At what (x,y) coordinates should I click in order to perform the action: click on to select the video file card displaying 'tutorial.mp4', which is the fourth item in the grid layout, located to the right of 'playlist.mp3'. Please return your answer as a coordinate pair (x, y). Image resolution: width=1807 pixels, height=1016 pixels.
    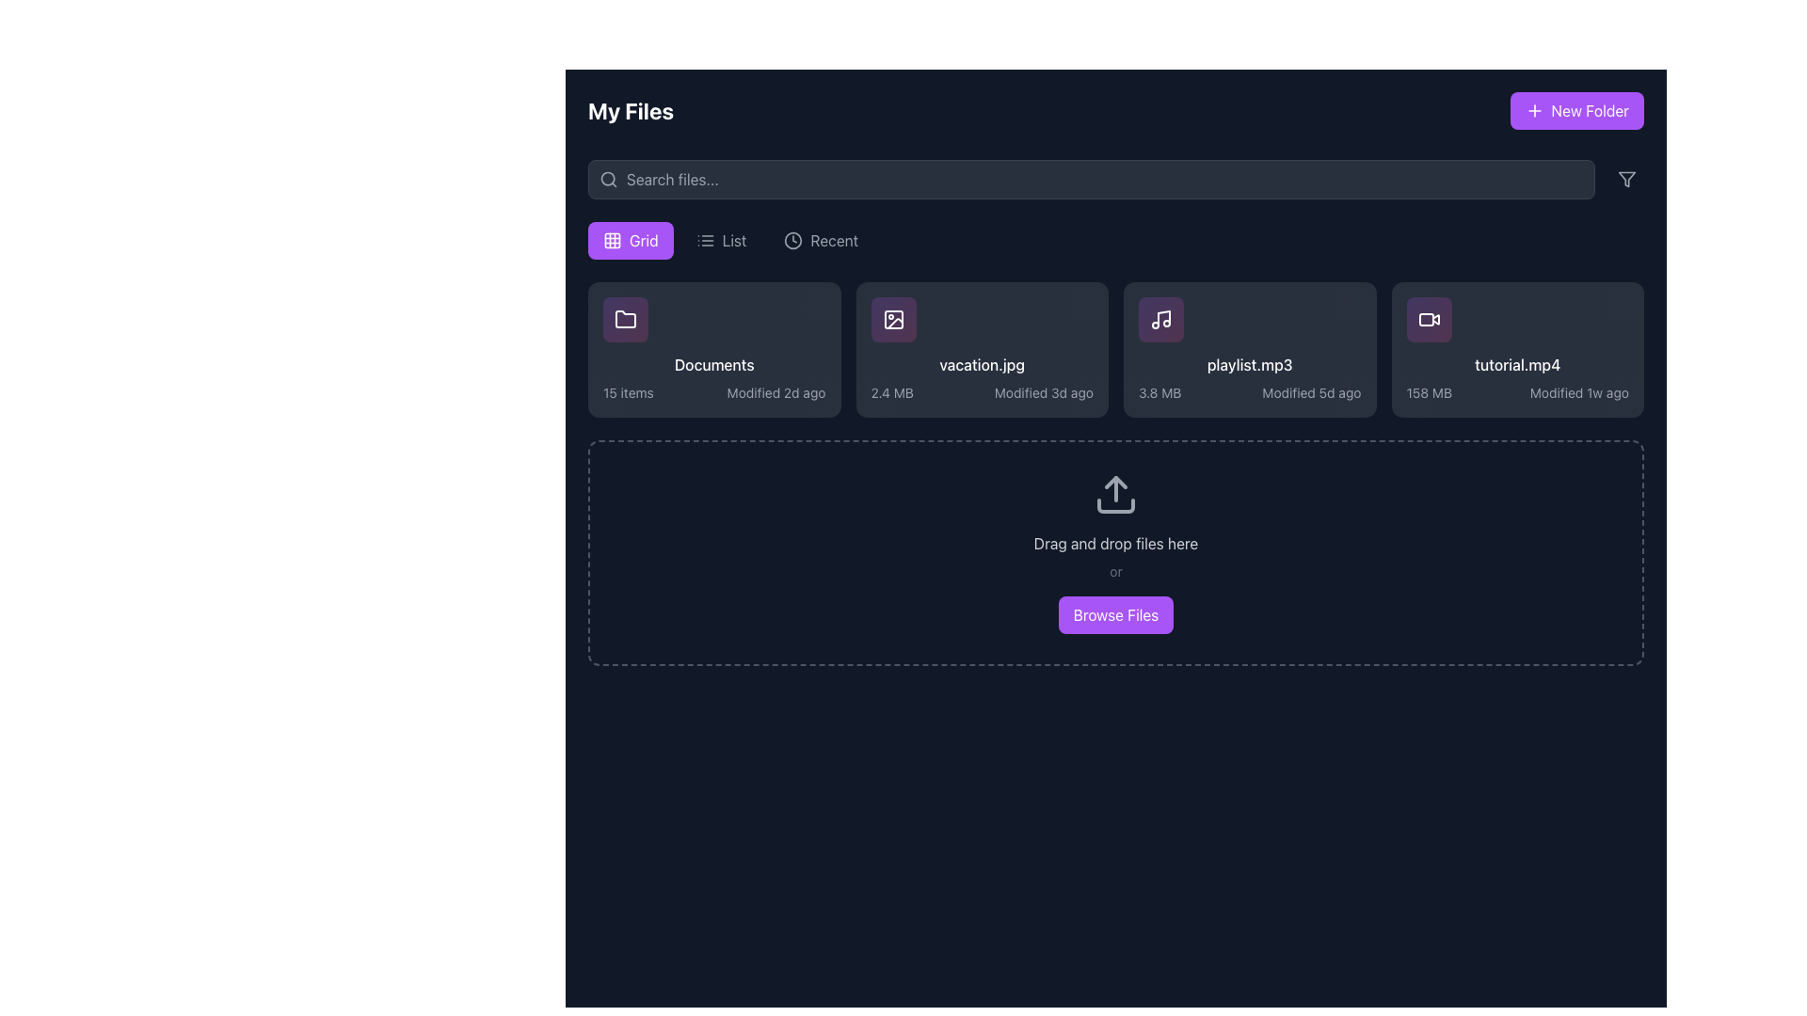
    Looking at the image, I should click on (1517, 349).